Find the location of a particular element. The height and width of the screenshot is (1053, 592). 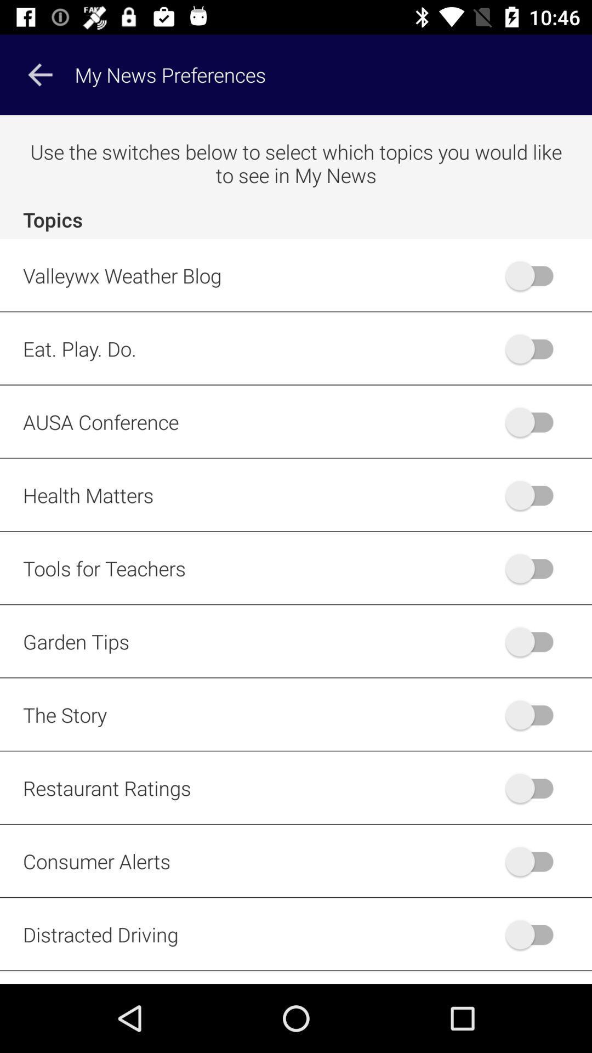

restaurant ratings is located at coordinates (534, 787).